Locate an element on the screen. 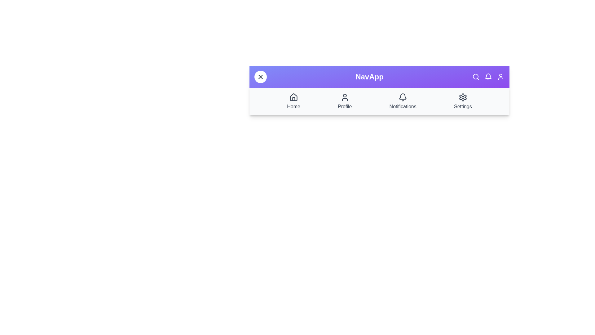 Image resolution: width=595 pixels, height=335 pixels. the Home navigation button is located at coordinates (293, 101).